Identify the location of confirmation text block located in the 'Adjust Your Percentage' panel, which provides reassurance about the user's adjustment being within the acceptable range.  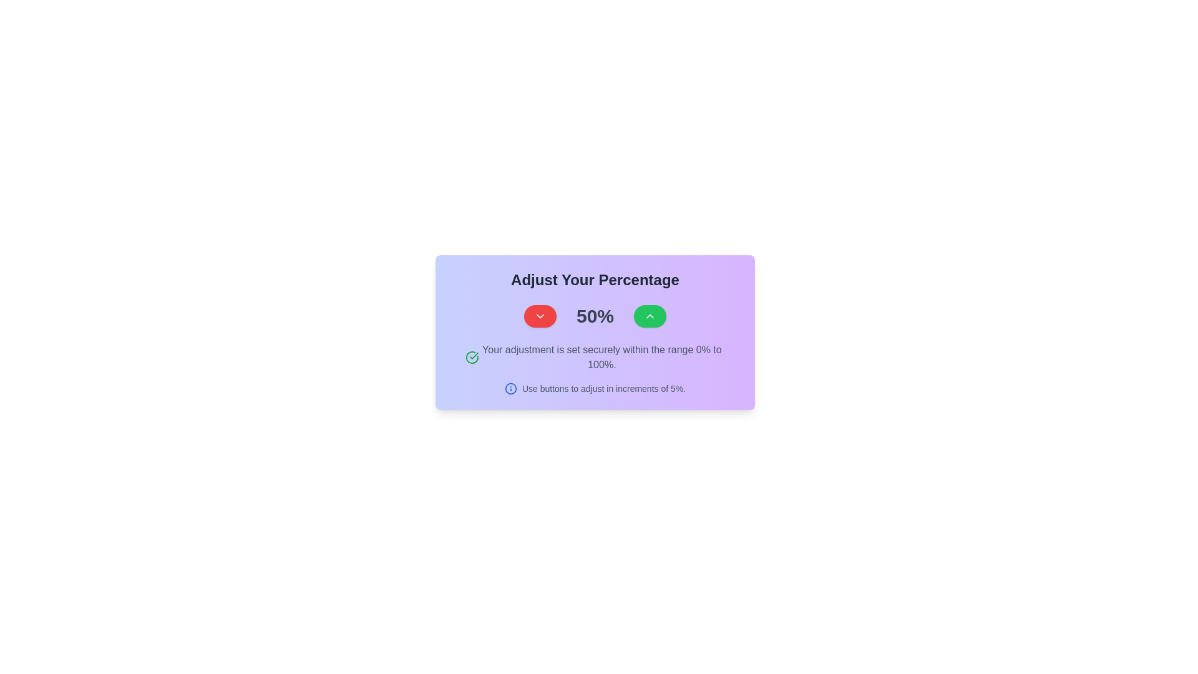
(595, 358).